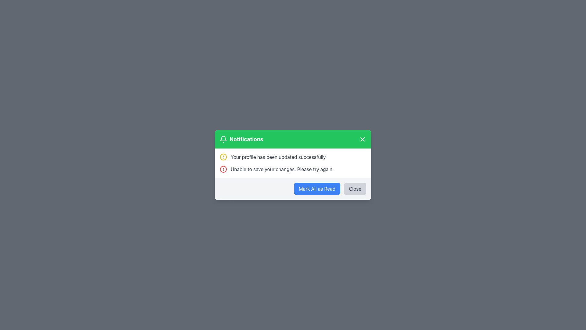  I want to click on the notification message stating 'Your profile has been updated successfully.' located in the top notification area of a modal dialog by clicking on it, so click(293, 156).